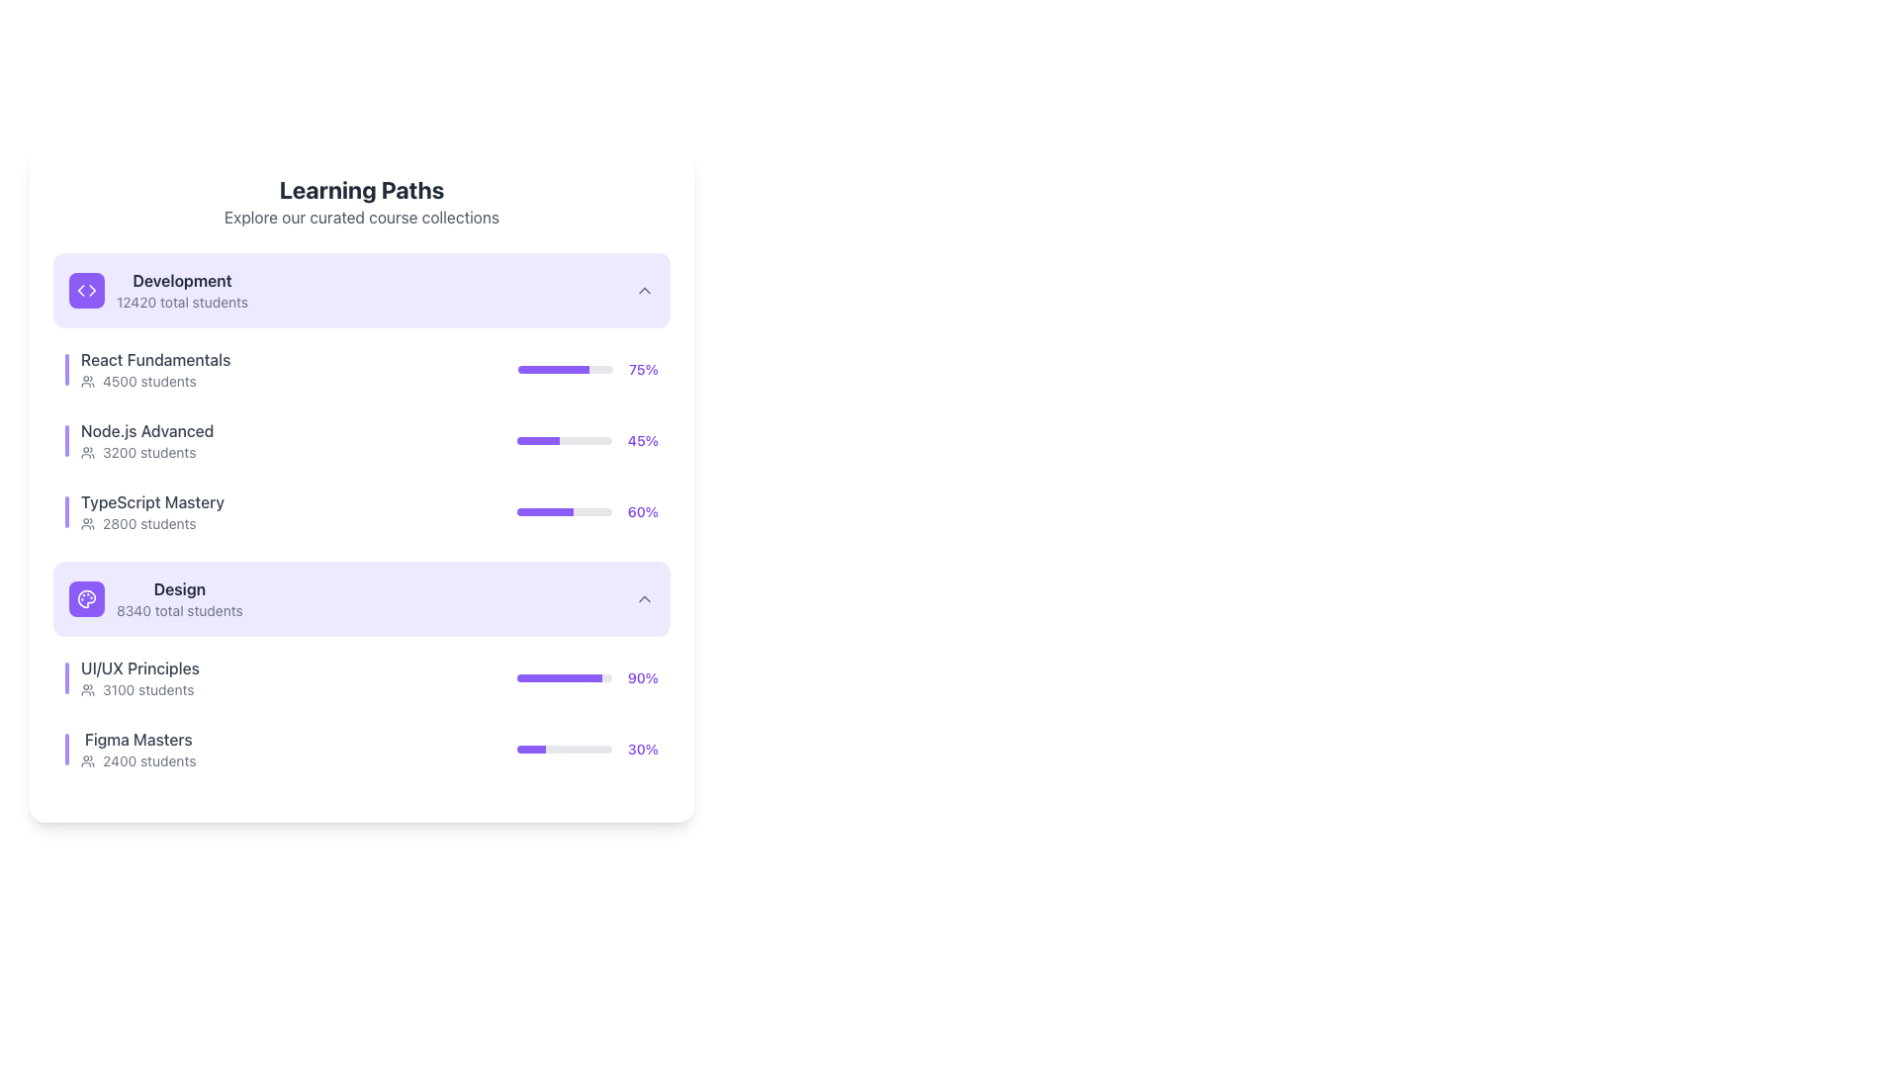 Image resolution: width=1899 pixels, height=1068 pixels. Describe the element at coordinates (361, 510) in the screenshot. I see `the 'TypeScript Mastery' list item in the 'Development' section` at that location.